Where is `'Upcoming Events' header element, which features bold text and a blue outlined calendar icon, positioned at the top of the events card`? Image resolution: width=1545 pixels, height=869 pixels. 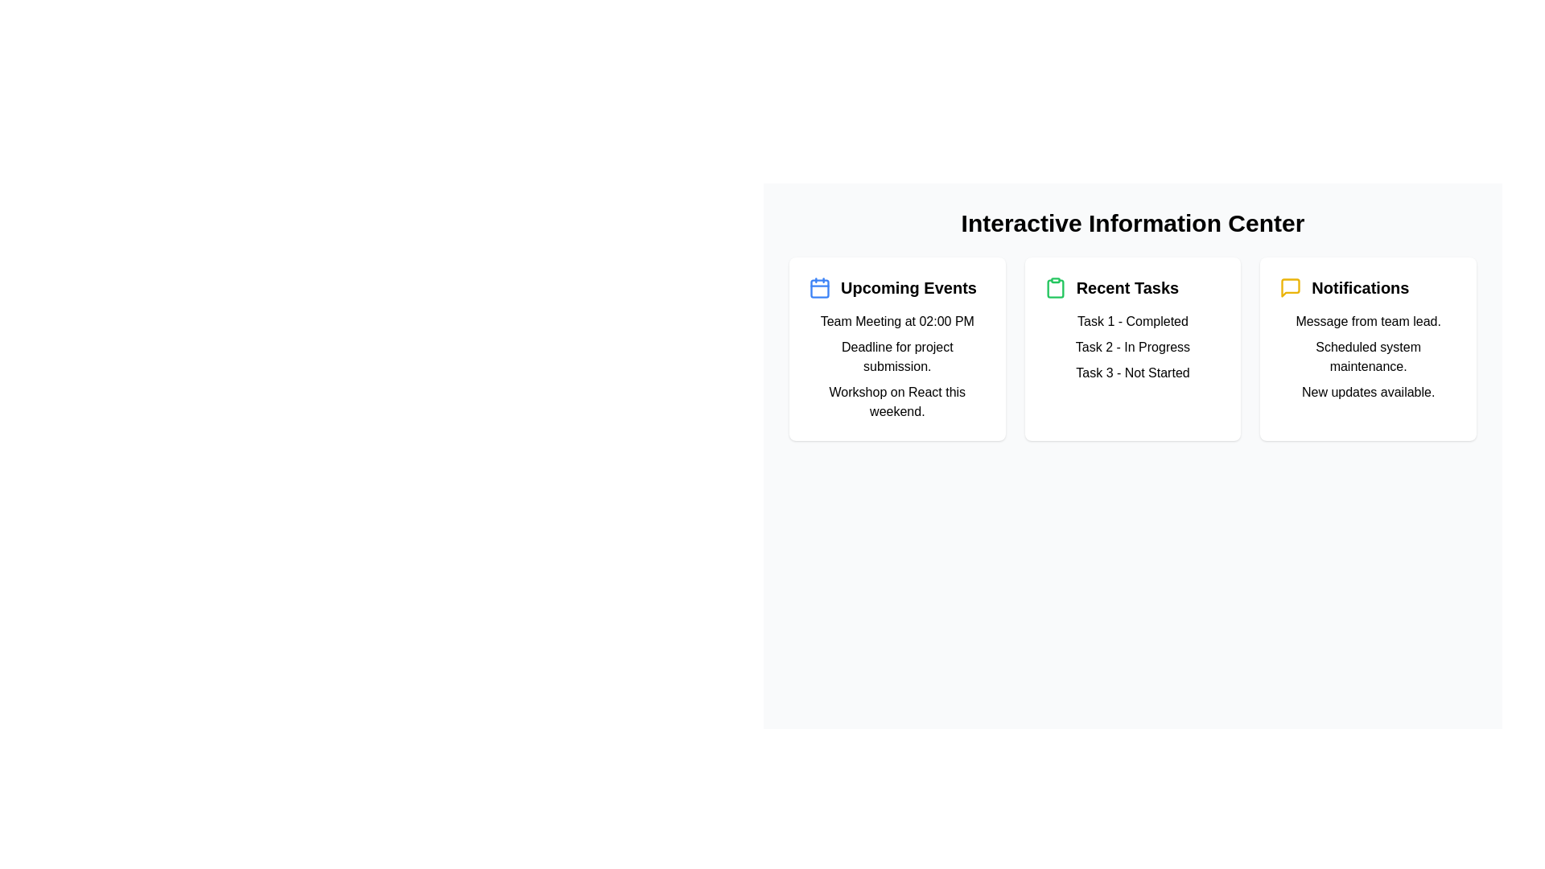 'Upcoming Events' header element, which features bold text and a blue outlined calendar icon, positioned at the top of the events card is located at coordinates (896, 287).